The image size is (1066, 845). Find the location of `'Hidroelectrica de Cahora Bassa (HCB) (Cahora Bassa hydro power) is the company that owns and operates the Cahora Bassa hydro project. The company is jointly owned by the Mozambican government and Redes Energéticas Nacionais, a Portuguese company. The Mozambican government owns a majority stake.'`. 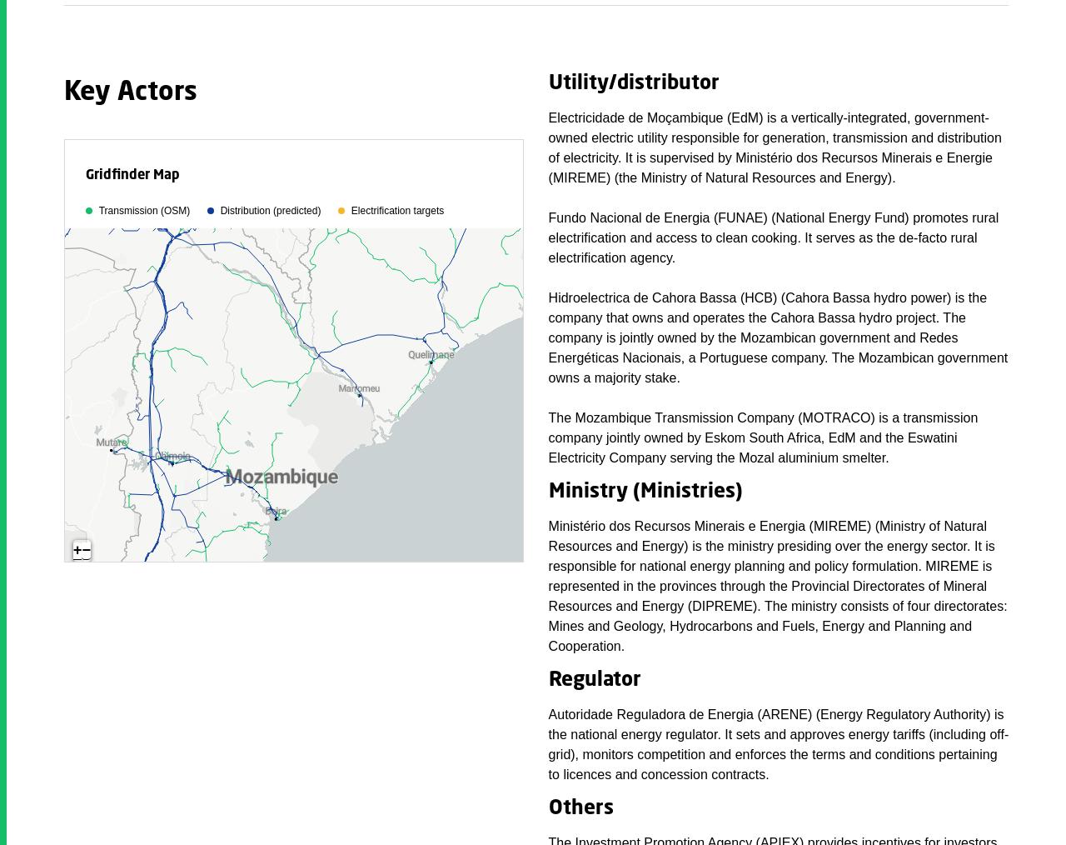

'Hidroelectrica de Cahora Bassa (HCB) (Cahora Bassa hydro power) is the company that owns and operates the Cahora Bassa hydro project. The company is jointly owned by the Mozambican government and Redes Energéticas Nacionais, a Portuguese company. The Mozambican government owns a majority stake.' is located at coordinates (777, 336).